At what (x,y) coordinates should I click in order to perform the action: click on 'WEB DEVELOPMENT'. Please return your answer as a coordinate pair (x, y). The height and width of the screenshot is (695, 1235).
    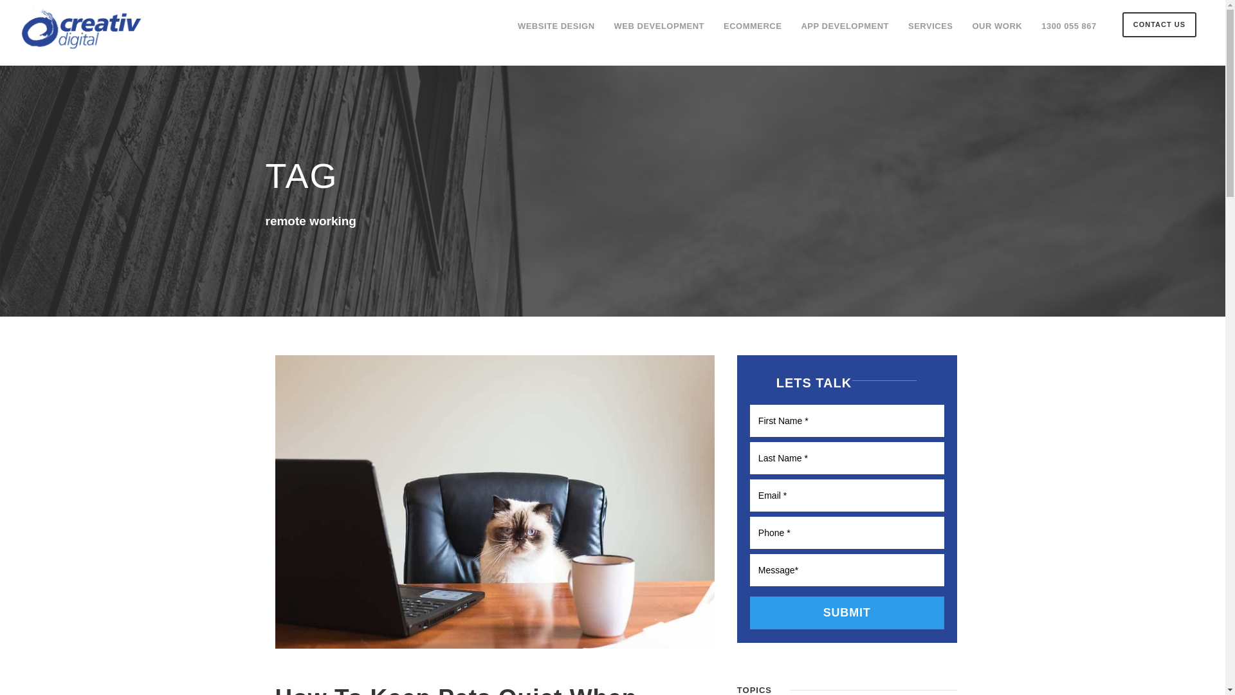
    Looking at the image, I should click on (659, 31).